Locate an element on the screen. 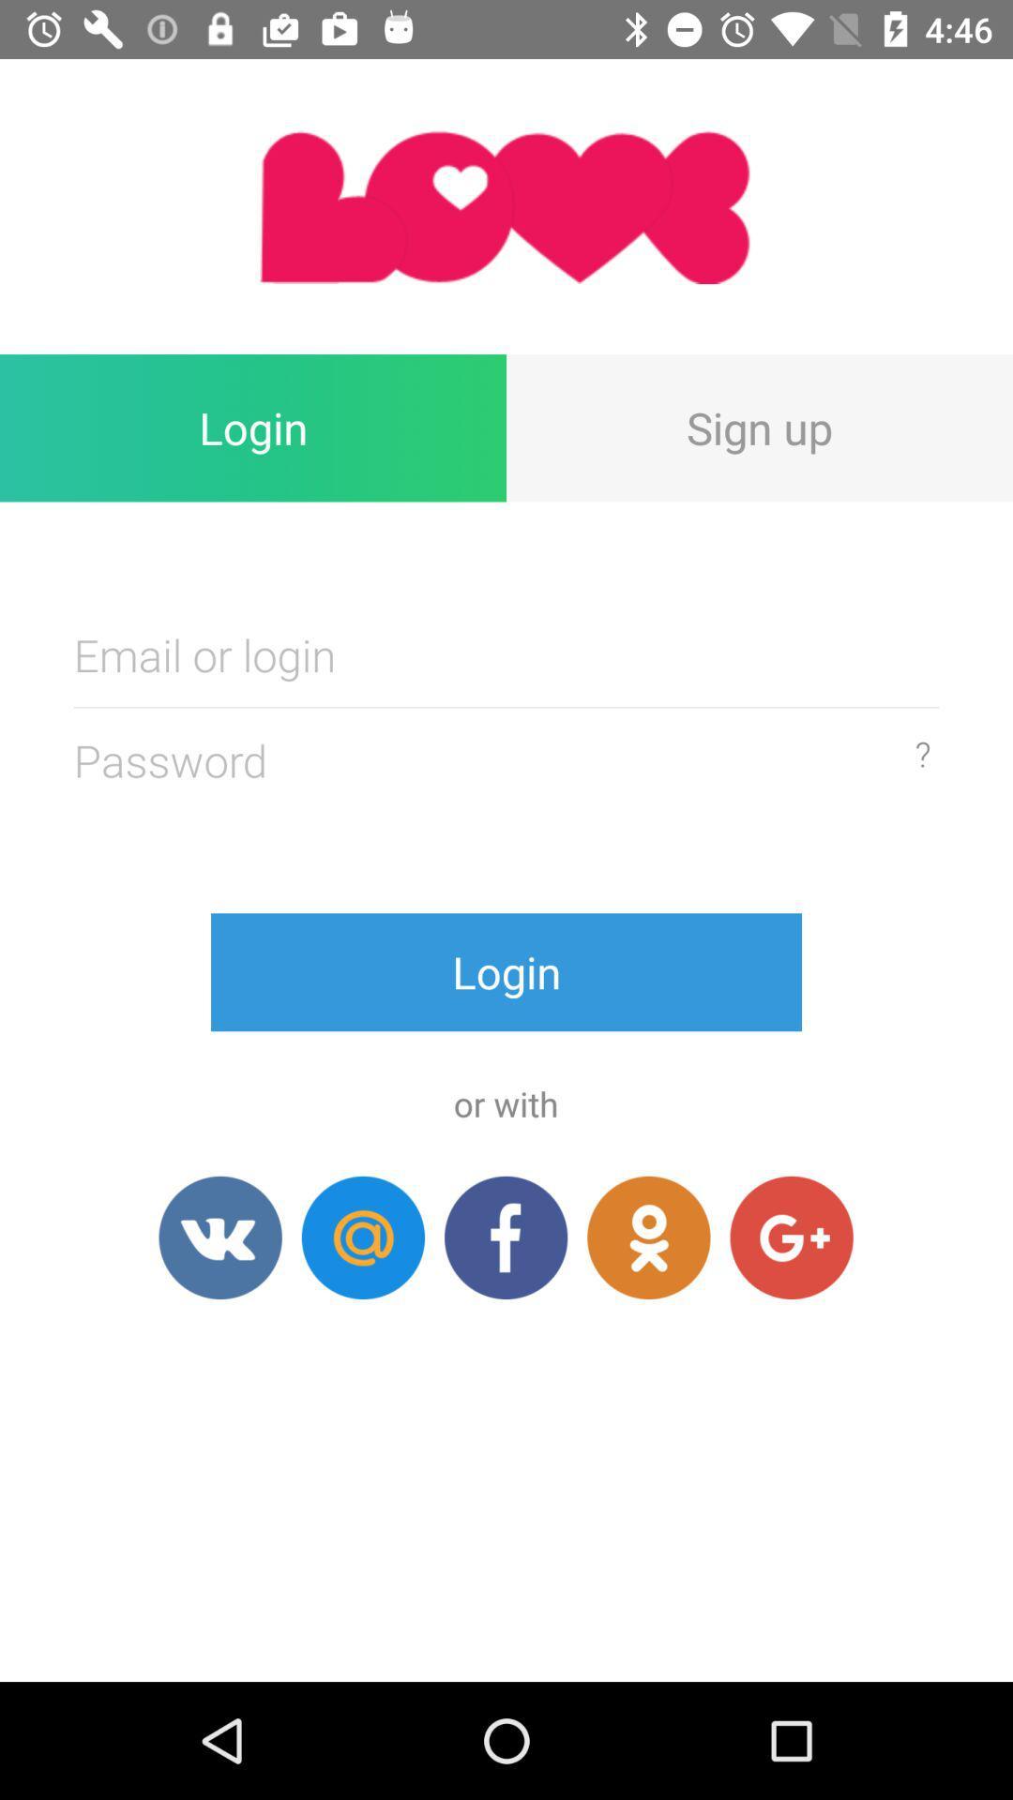  login with email is located at coordinates (363, 1237).